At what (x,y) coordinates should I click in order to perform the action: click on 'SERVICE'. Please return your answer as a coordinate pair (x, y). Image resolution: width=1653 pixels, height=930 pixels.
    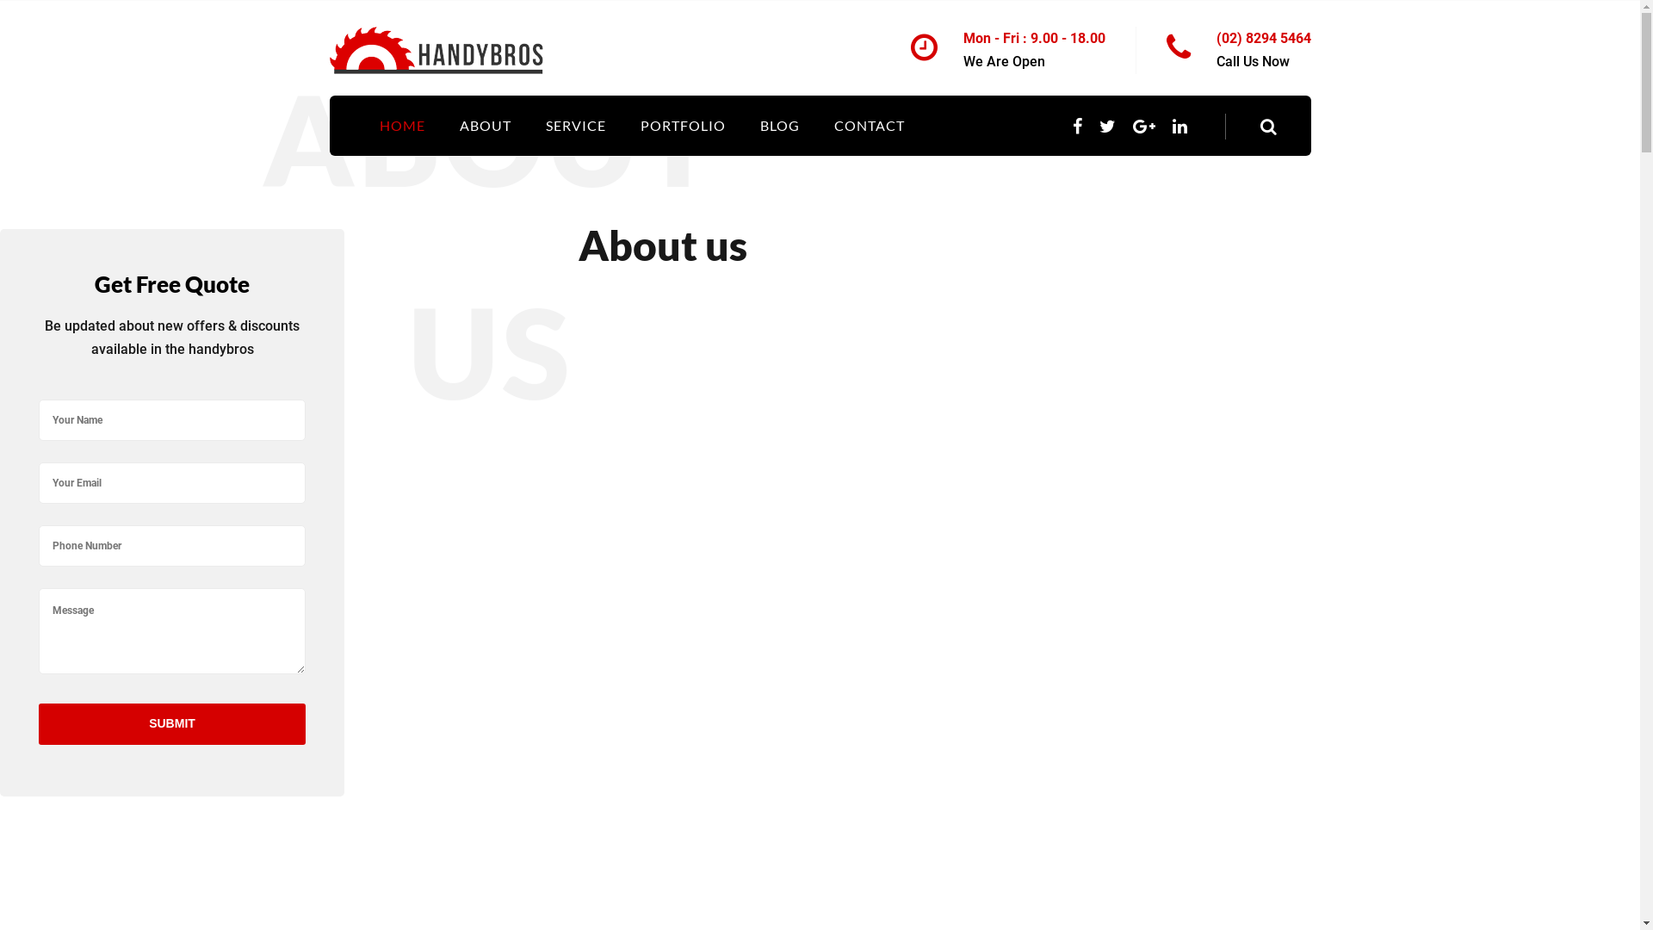
    Looking at the image, I should click on (575, 125).